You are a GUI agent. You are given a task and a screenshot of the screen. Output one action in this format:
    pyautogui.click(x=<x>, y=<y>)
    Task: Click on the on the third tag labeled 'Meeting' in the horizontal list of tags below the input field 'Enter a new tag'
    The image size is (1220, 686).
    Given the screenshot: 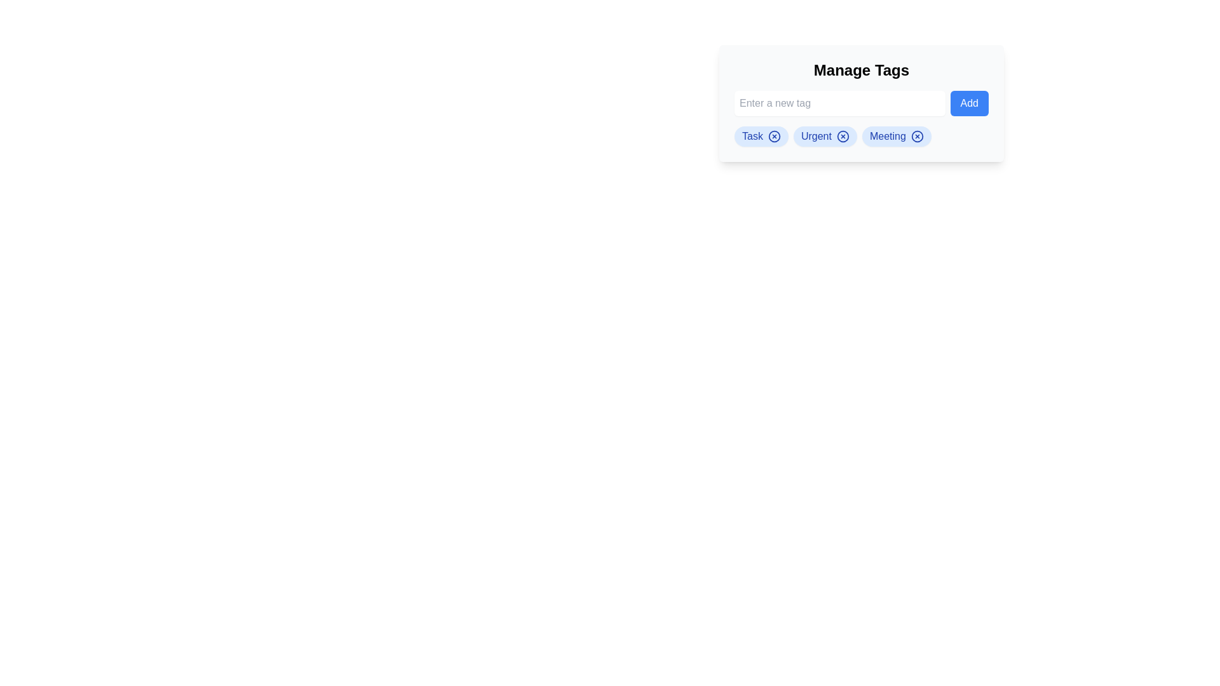 What is the action you would take?
    pyautogui.click(x=896, y=137)
    